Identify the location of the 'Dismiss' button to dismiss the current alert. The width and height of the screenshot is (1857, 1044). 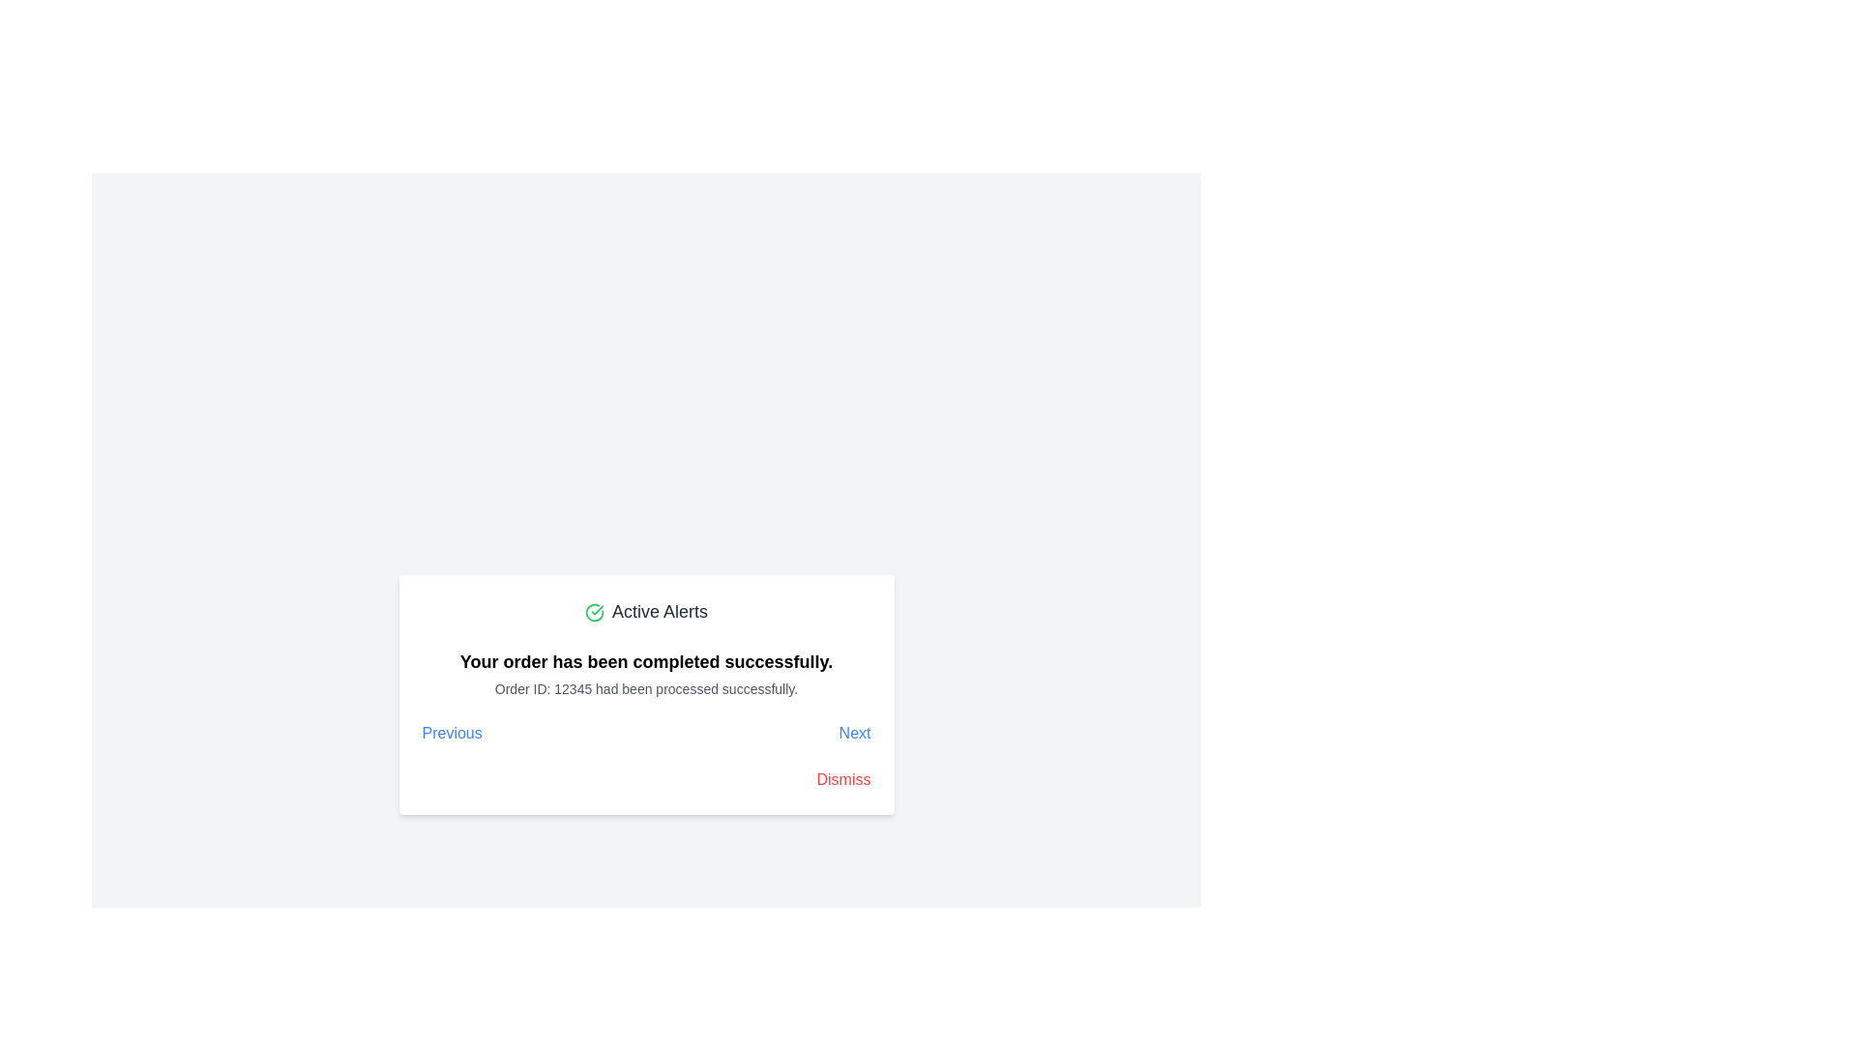
(843, 778).